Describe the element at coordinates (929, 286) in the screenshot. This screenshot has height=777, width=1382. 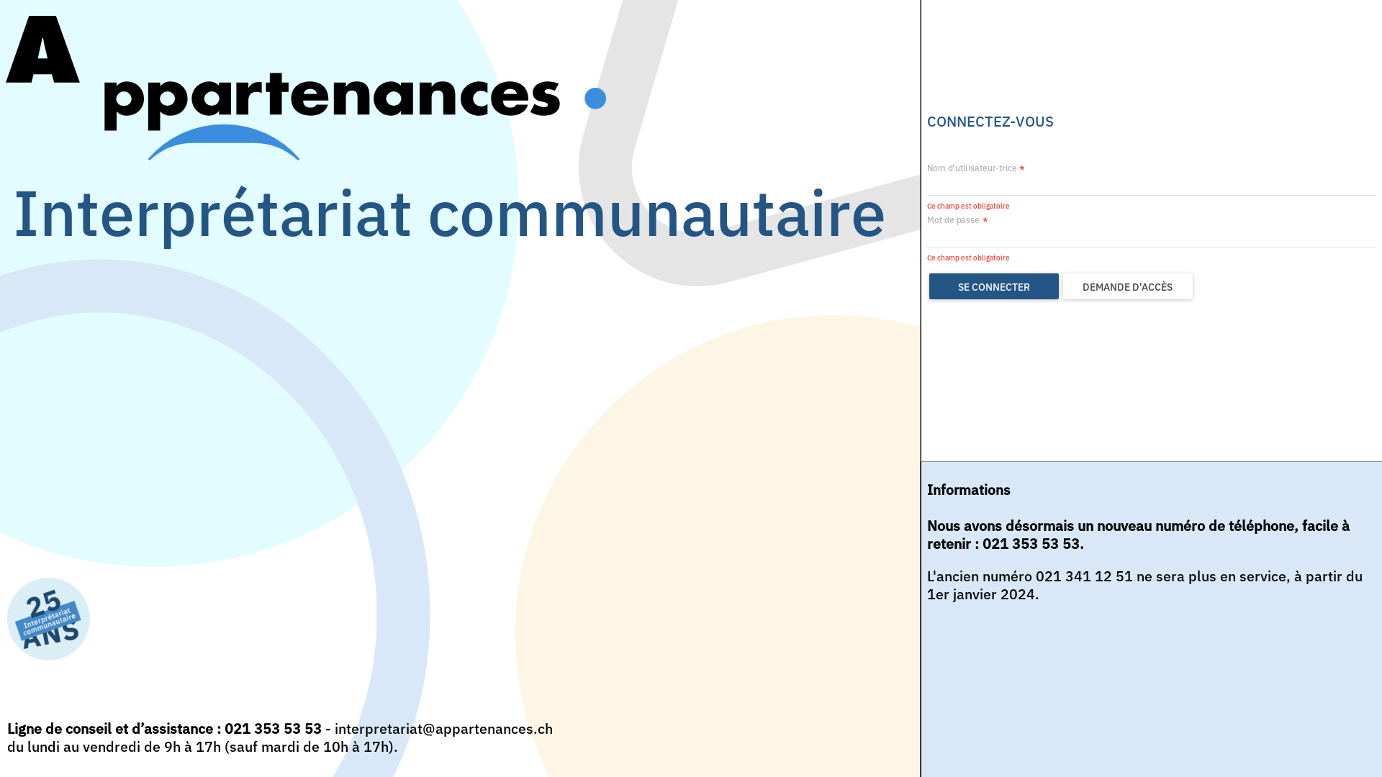
I see `'SE CONNECTER'` at that location.